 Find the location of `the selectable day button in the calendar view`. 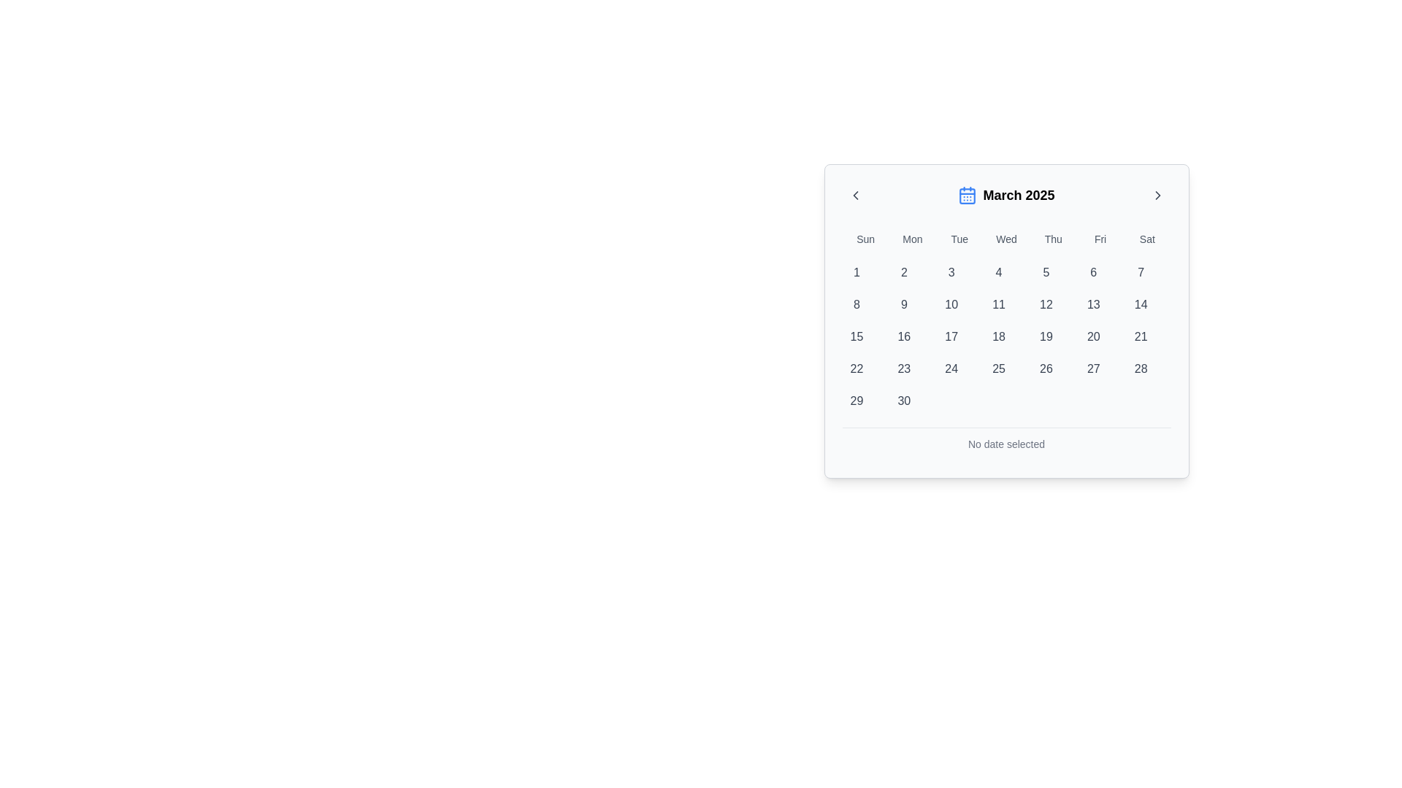

the selectable day button in the calendar view is located at coordinates (998, 304).